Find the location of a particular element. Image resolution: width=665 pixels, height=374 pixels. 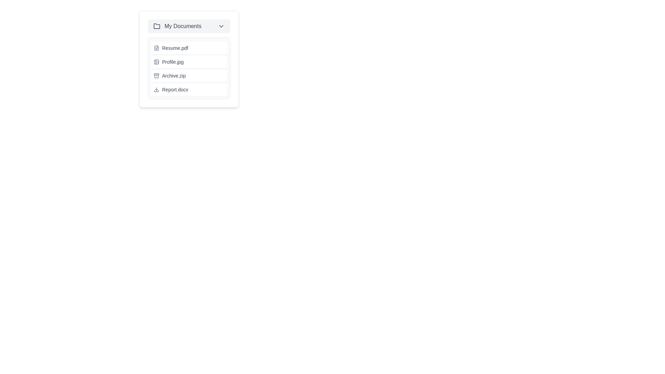

the download icon representing 'Report.docx' is located at coordinates (156, 89).